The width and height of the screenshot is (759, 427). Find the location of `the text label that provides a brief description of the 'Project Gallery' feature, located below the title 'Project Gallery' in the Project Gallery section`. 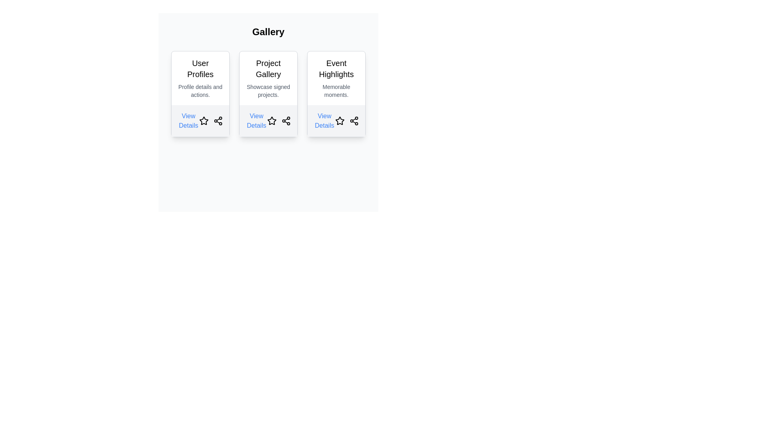

the text label that provides a brief description of the 'Project Gallery' feature, located below the title 'Project Gallery' in the Project Gallery section is located at coordinates (268, 91).